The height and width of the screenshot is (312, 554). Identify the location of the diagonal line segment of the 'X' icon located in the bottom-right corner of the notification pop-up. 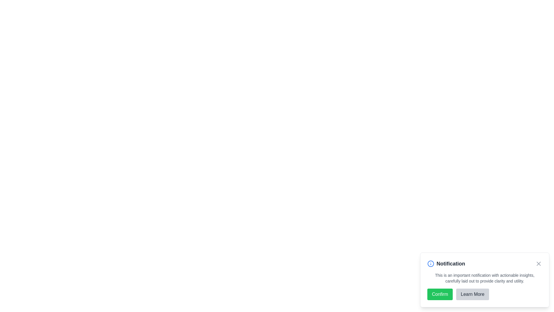
(538, 264).